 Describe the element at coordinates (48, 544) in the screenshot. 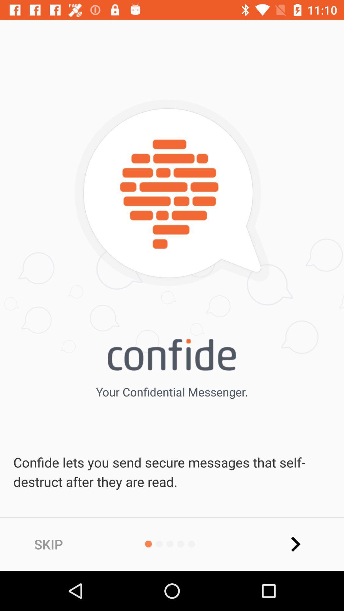

I see `skip icon` at that location.